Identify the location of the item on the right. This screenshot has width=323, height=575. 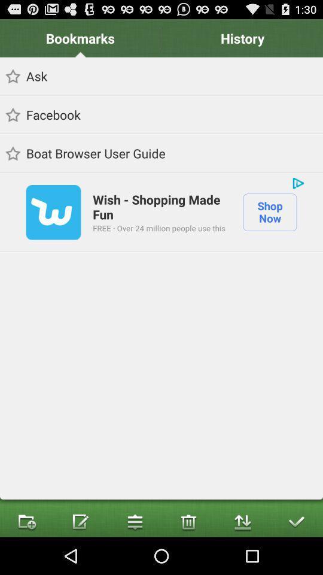
(270, 212).